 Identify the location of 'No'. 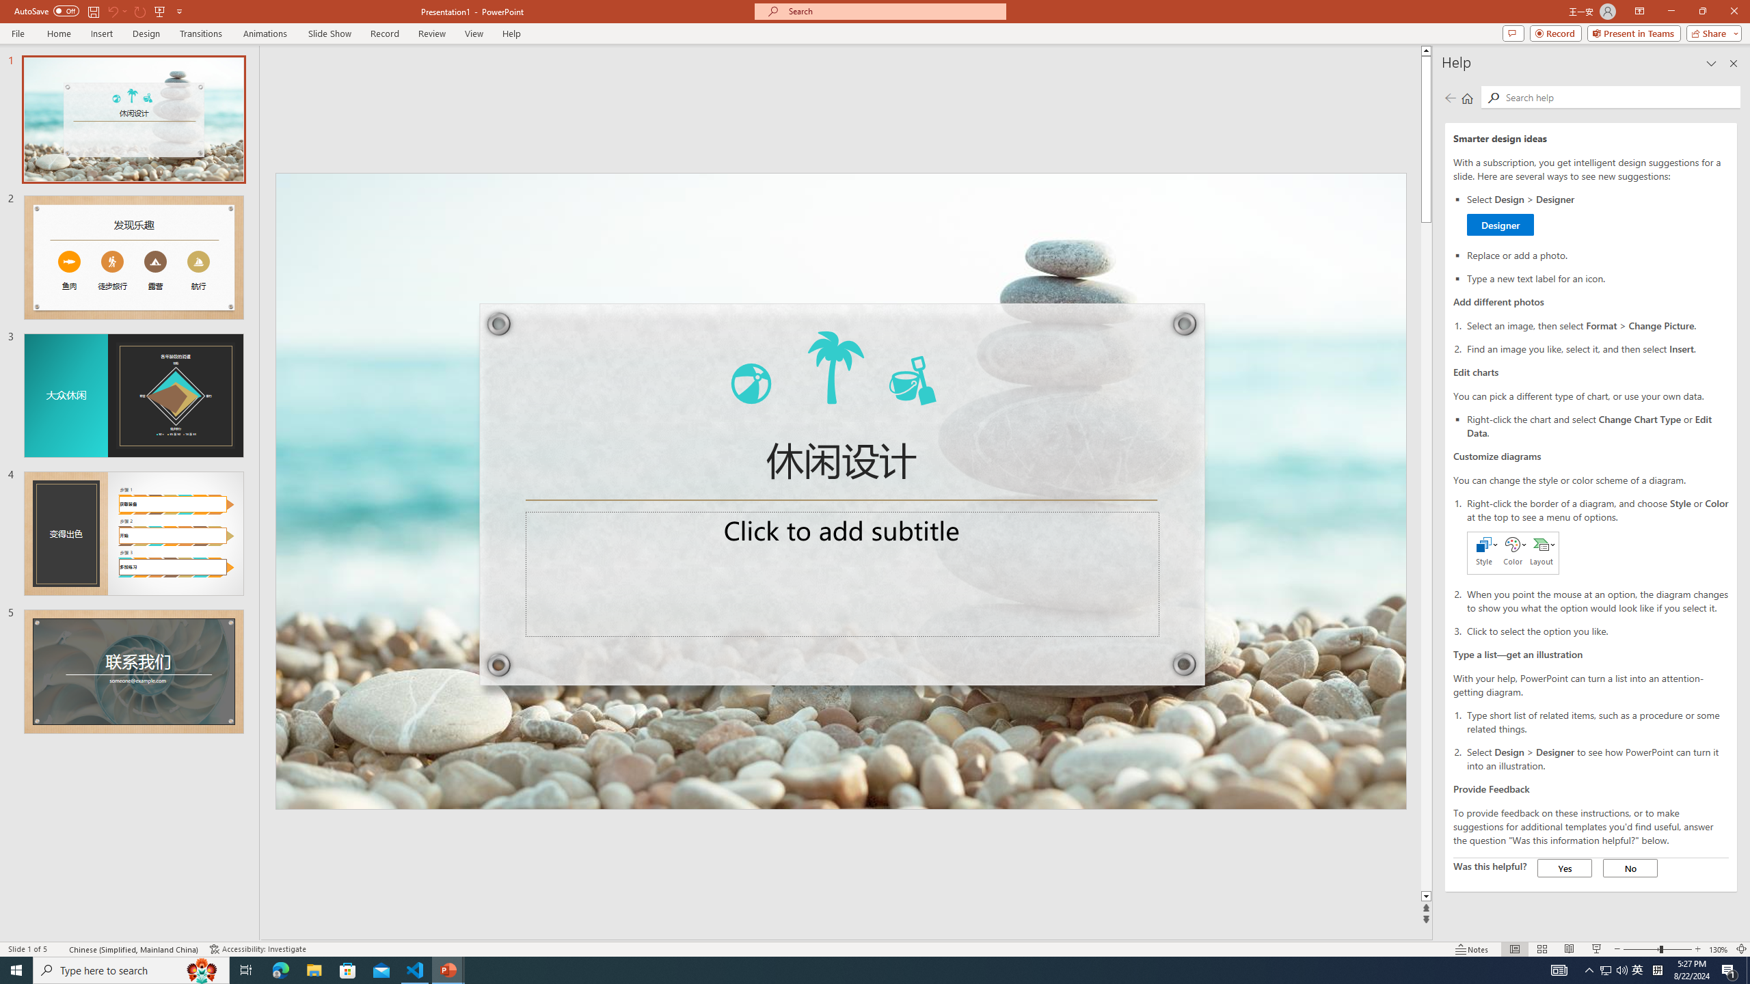
(1630, 867).